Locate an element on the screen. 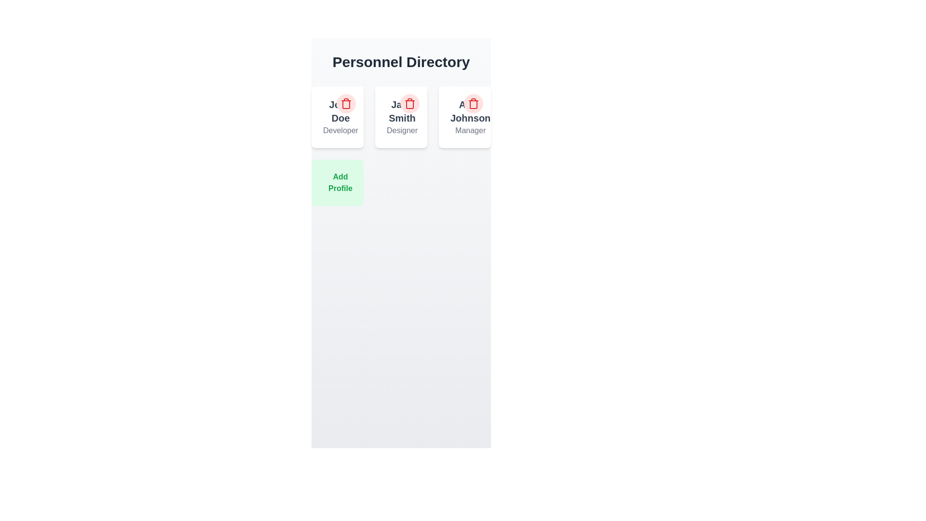 This screenshot has height=521, width=926. the text label providing additional information about the individual's position, located below the title 'Alice Johnson' in a card-like layout is located at coordinates (470, 130).